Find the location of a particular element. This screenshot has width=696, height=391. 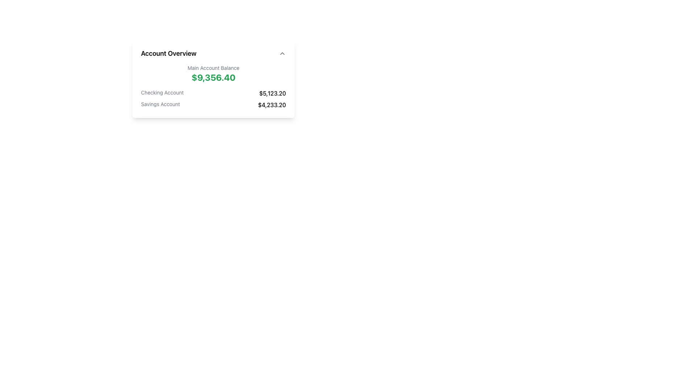

the text displaying the current balance of the savings account located in the 'Savings Account' section on the right side of the layout is located at coordinates (272, 105).